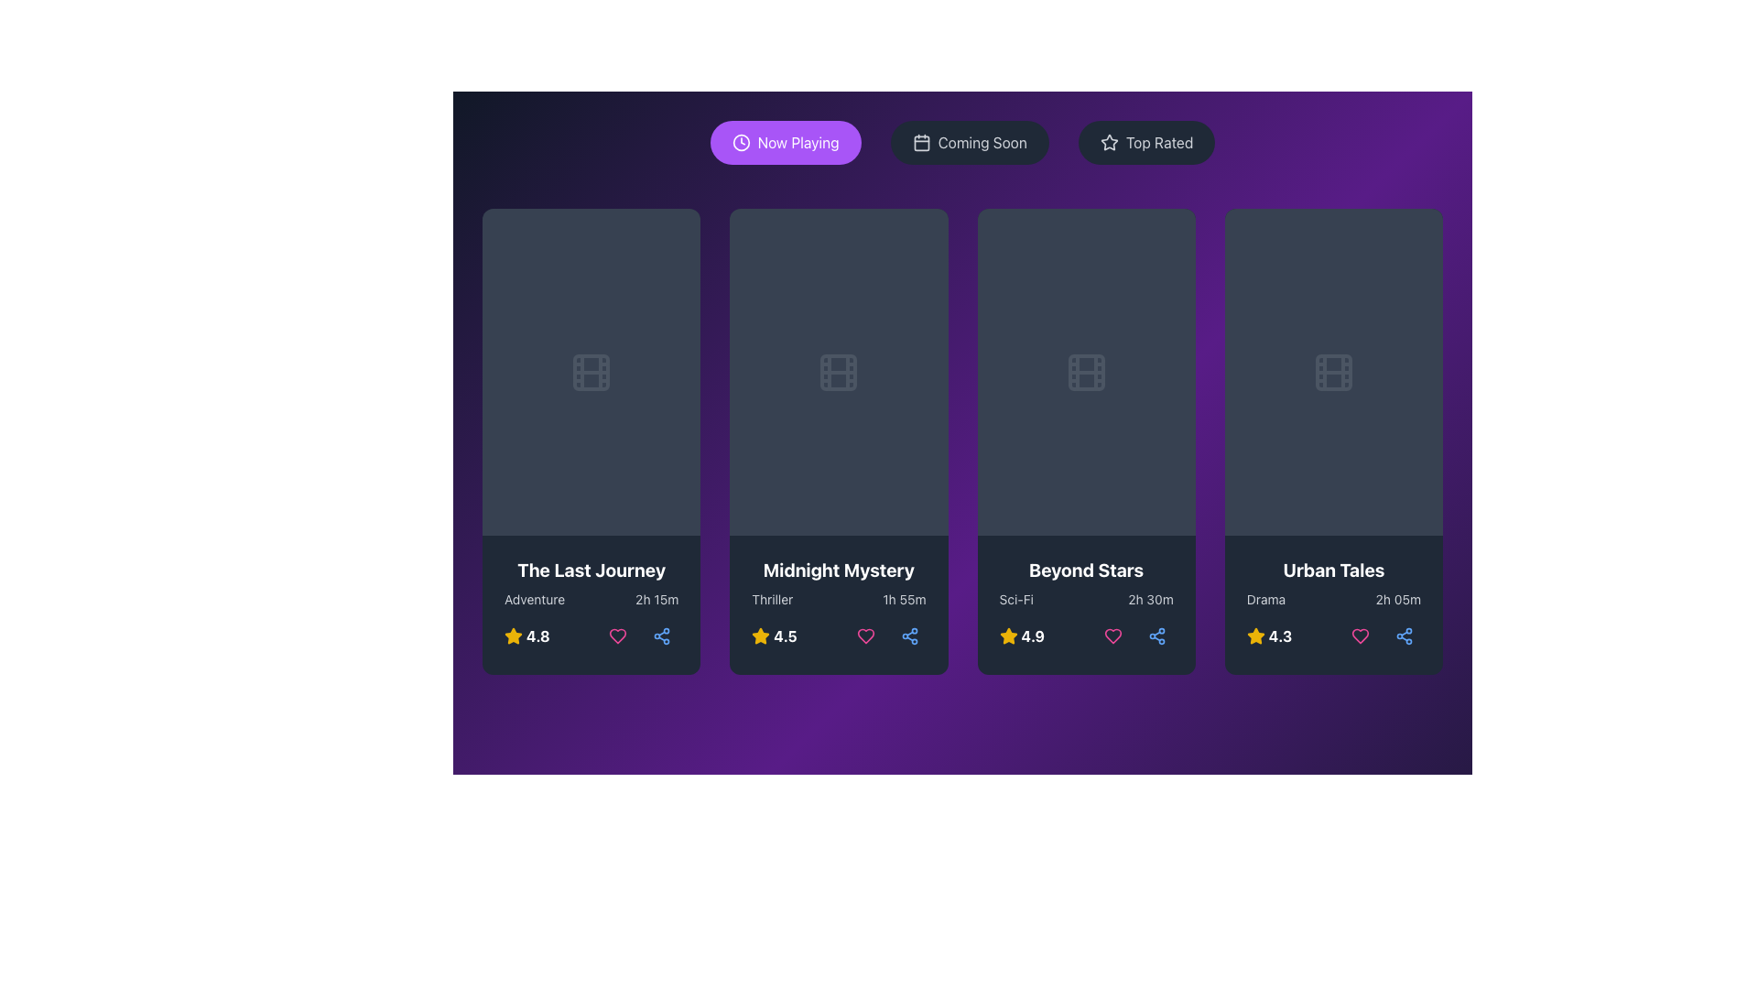  What do you see at coordinates (513, 635) in the screenshot?
I see `the yellow filled star icon used in the rating system located beside the text '4.8' to trigger visual effects` at bounding box center [513, 635].